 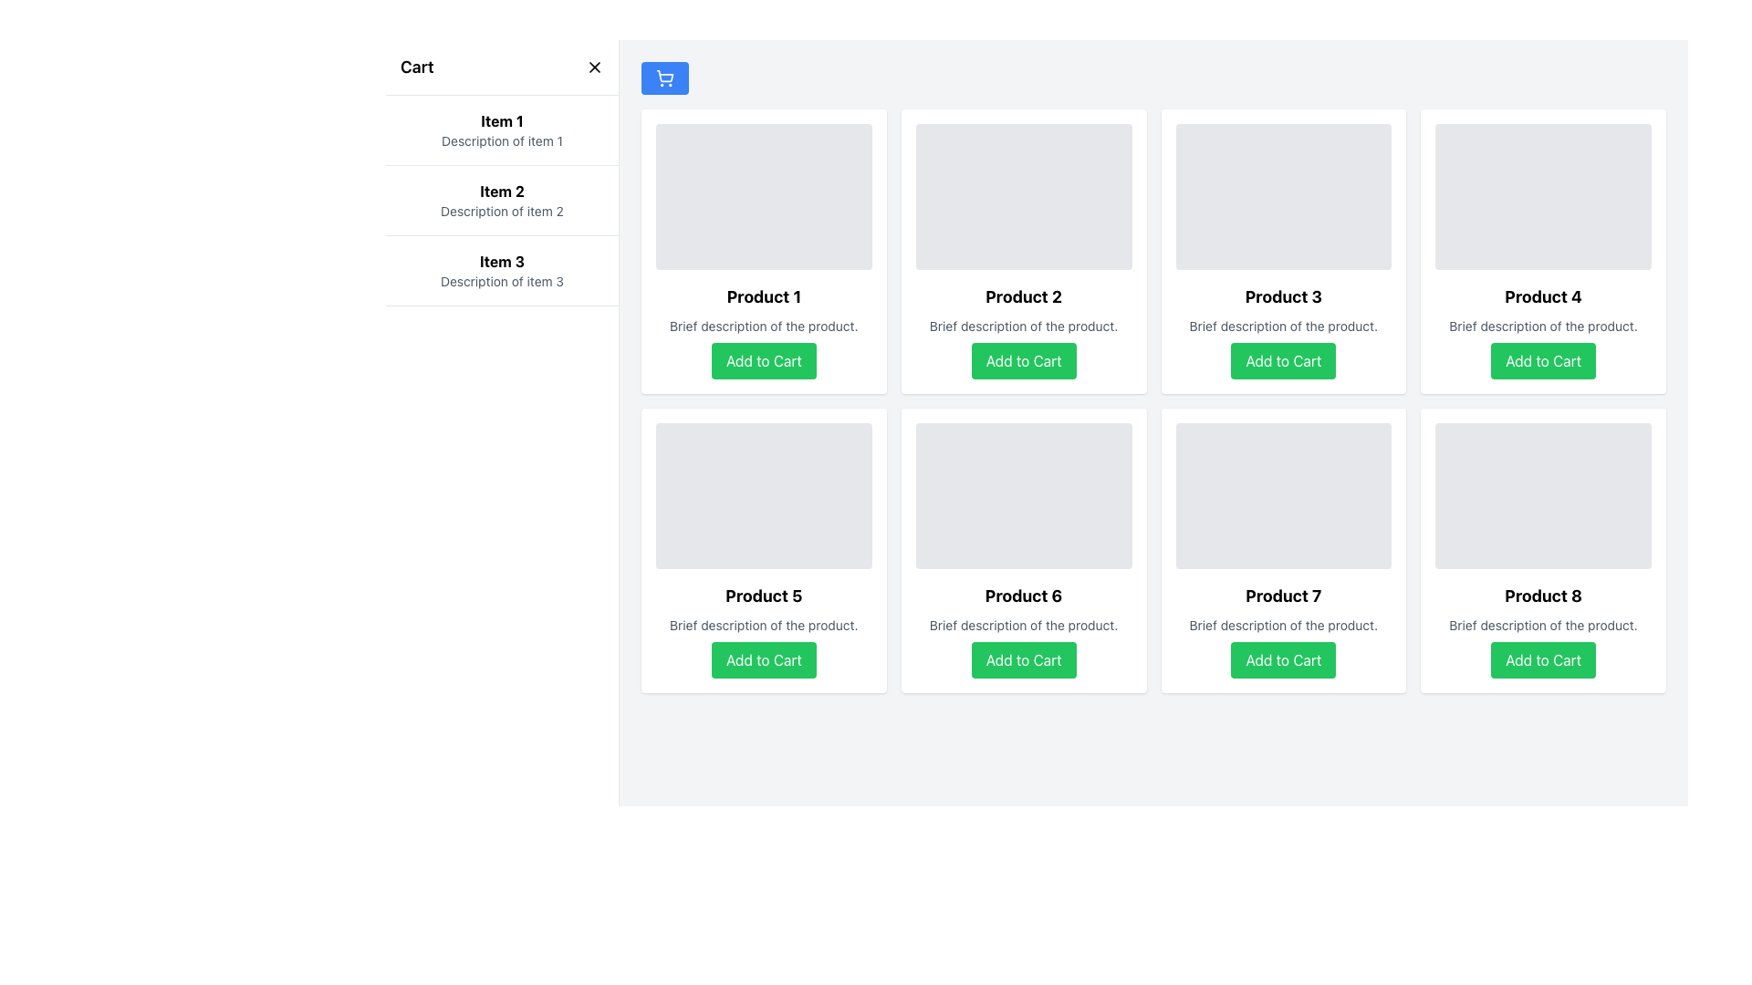 What do you see at coordinates (764, 625) in the screenshot?
I see `the text label displaying 'Brief description of the product.' located in the 'Product 5' card, positioned below the product title and above the 'Add to Cart' button` at bounding box center [764, 625].